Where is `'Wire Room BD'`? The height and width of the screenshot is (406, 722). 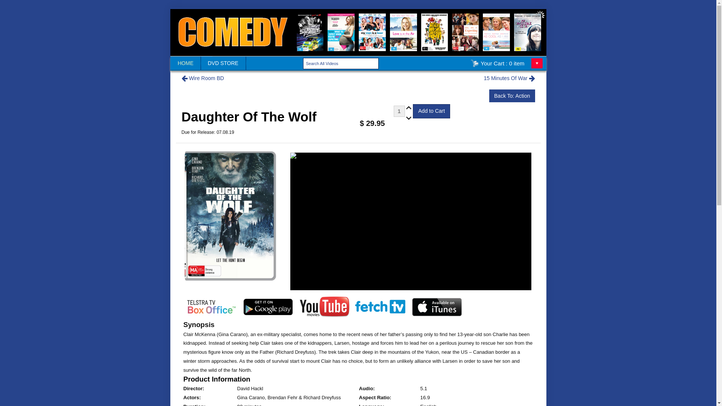 'Wire Room BD' is located at coordinates (202, 78).